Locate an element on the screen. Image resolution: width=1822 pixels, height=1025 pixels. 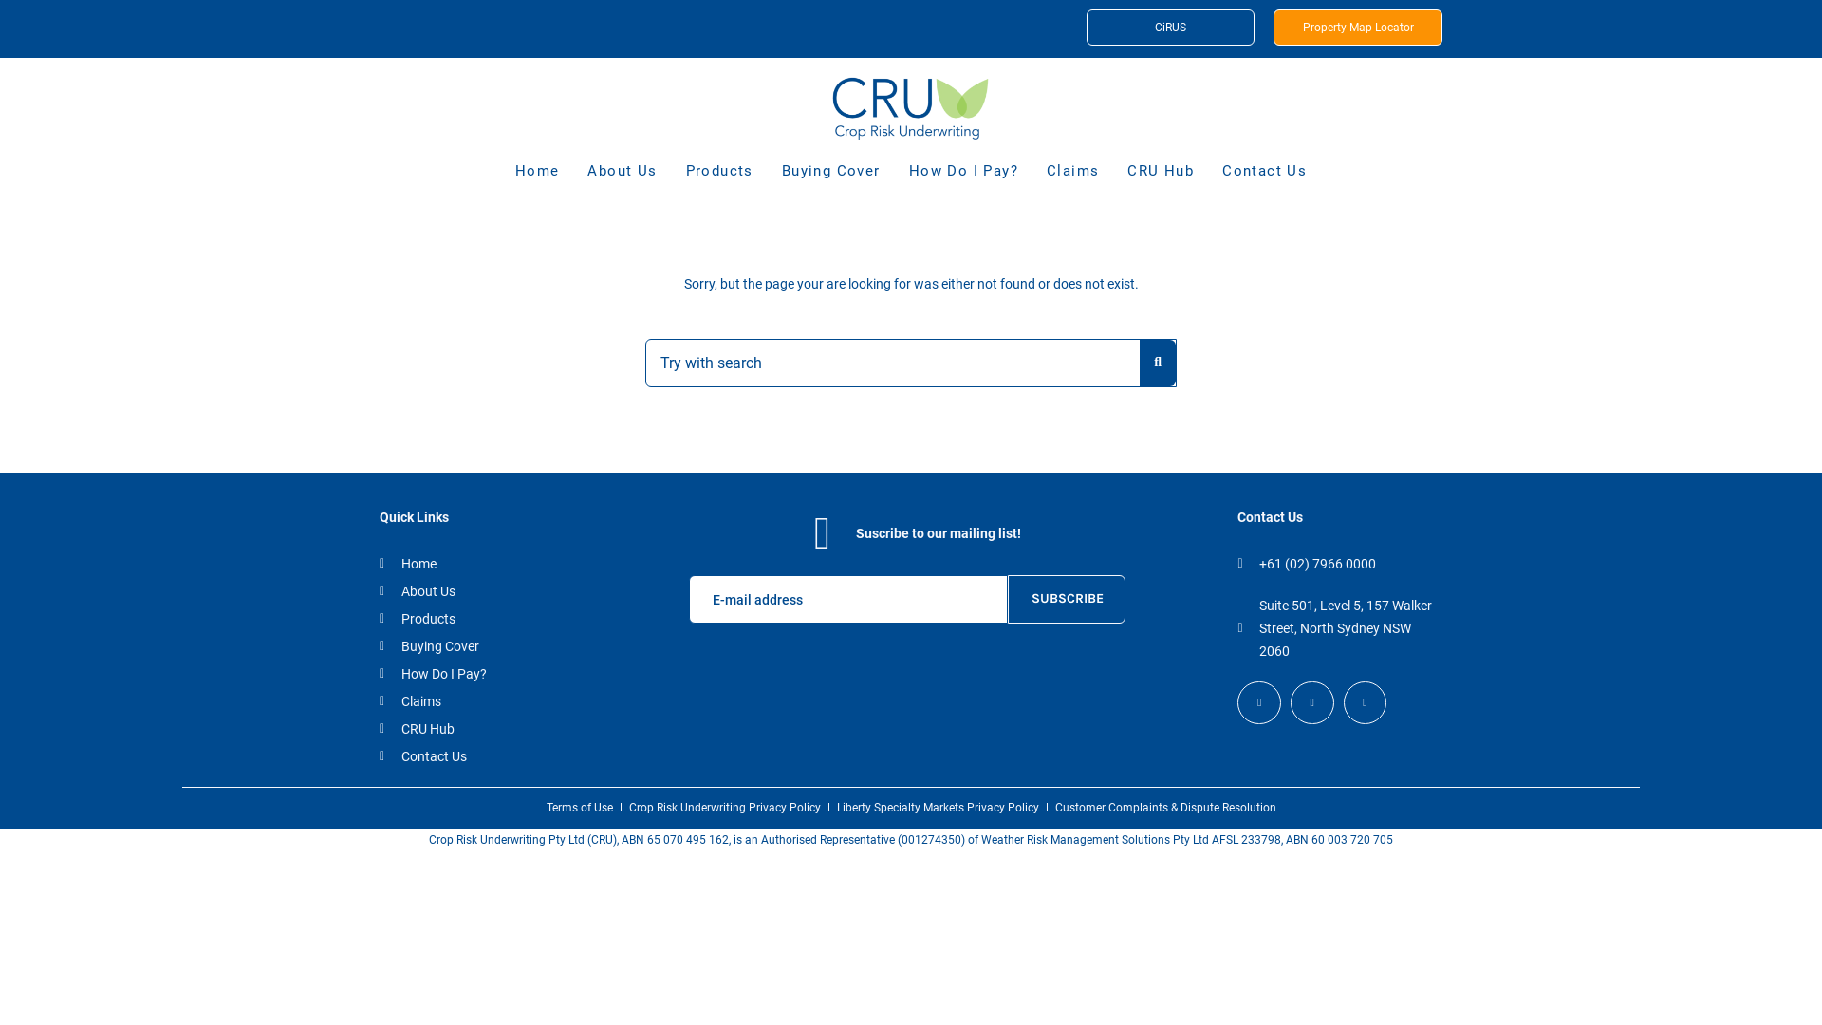
'Claims' is located at coordinates (379, 701).